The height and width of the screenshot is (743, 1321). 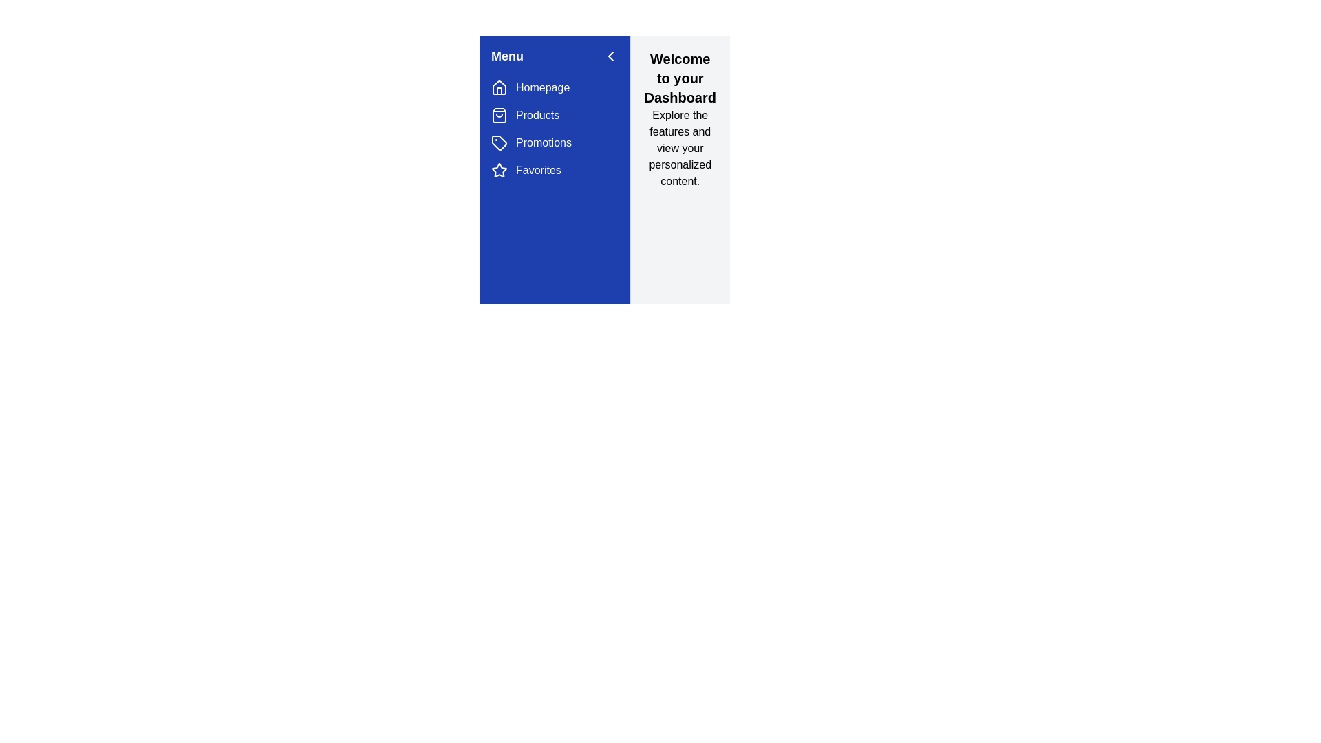 What do you see at coordinates (498, 143) in the screenshot?
I see `the navigation menu item corresponding to Promotions` at bounding box center [498, 143].